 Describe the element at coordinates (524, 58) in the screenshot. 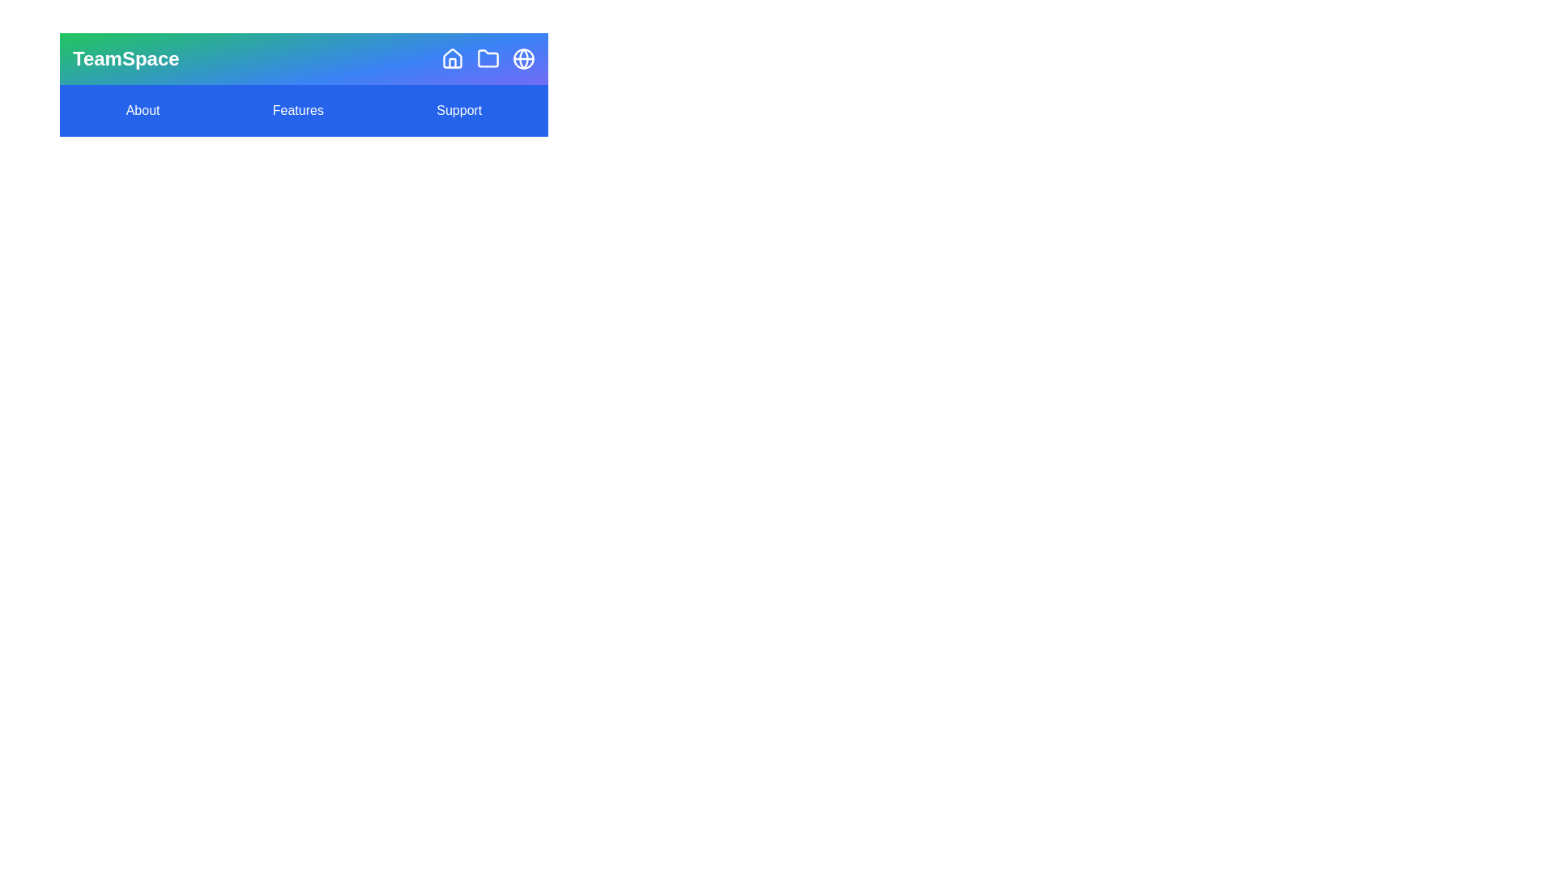

I see `the 'Community' icon to explore community features` at that location.